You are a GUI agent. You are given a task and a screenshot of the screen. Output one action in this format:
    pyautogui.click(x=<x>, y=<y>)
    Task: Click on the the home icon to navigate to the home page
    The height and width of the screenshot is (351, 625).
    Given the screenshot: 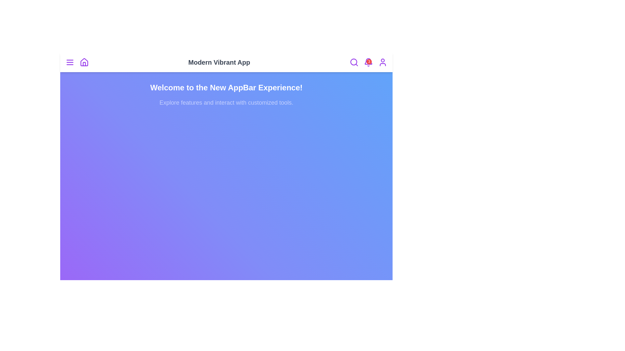 What is the action you would take?
    pyautogui.click(x=84, y=62)
    